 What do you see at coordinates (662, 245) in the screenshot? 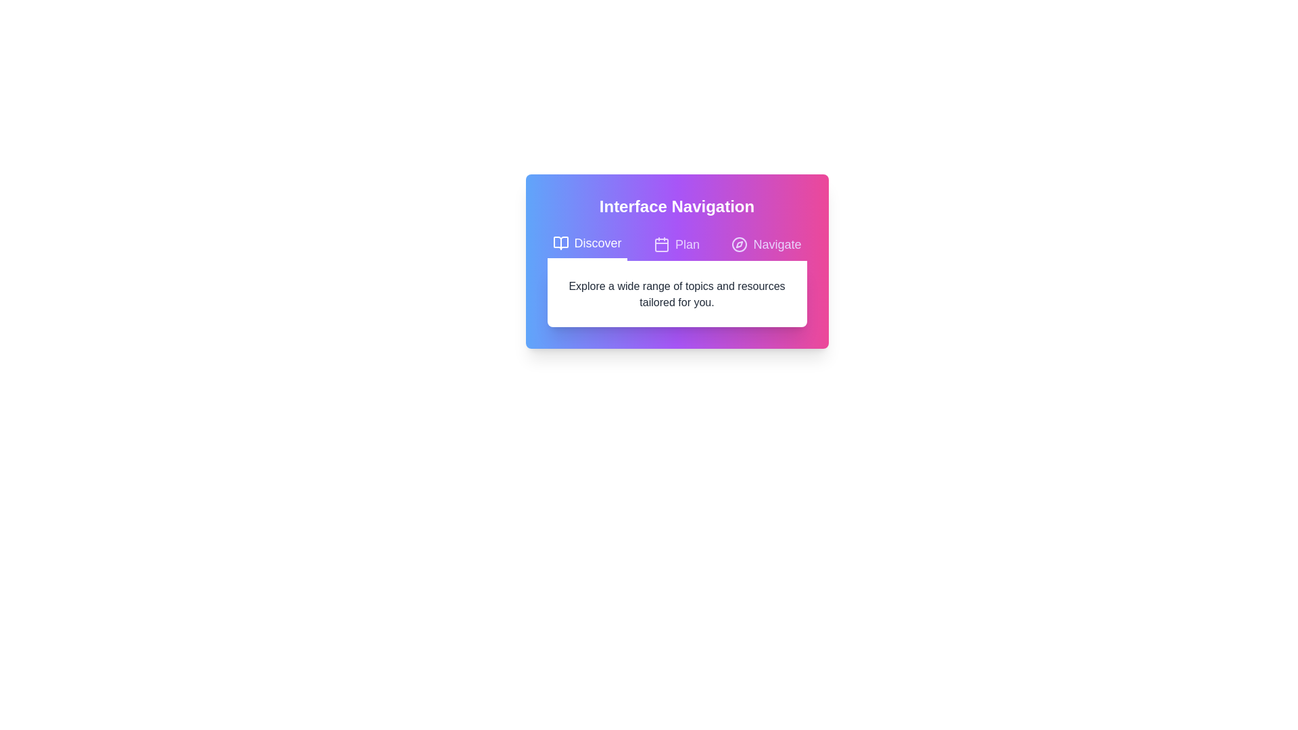
I see `the 'Plan' icon located at the top of the card interface` at bounding box center [662, 245].